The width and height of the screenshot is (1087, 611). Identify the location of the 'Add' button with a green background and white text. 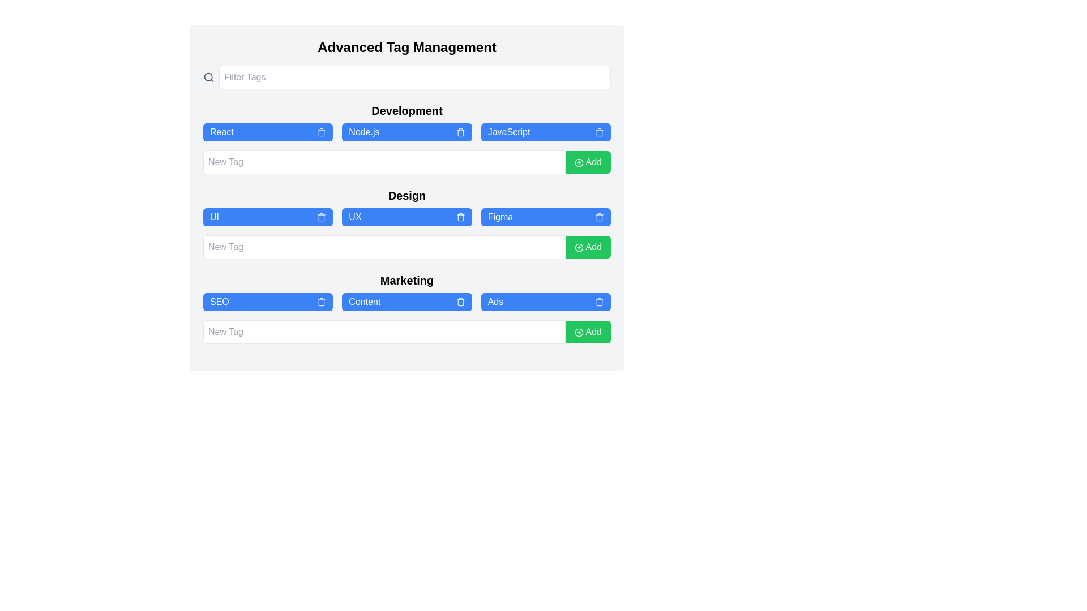
(588, 246).